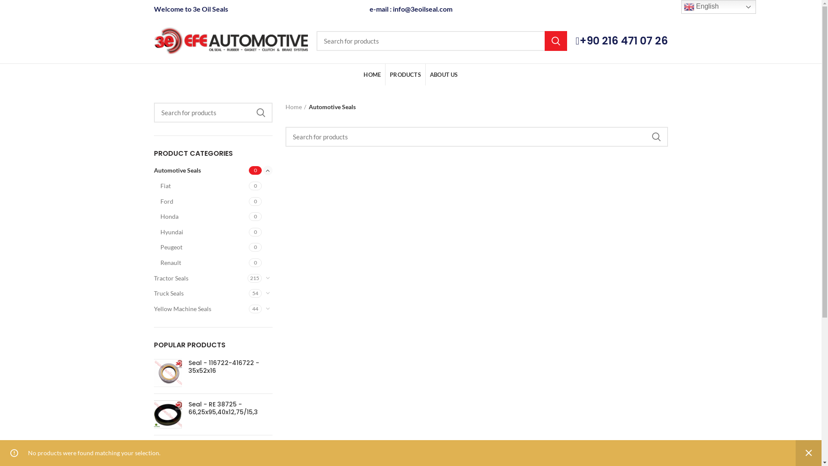 The width and height of the screenshot is (828, 466). Describe the element at coordinates (167, 372) in the screenshot. I see `'Seal - 116722-416722` at that location.